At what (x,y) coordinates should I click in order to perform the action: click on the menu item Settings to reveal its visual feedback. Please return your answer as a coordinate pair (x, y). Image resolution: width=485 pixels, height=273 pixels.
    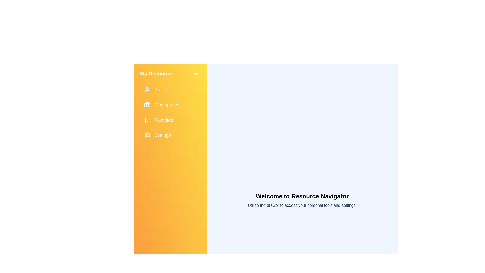
    Looking at the image, I should click on (171, 135).